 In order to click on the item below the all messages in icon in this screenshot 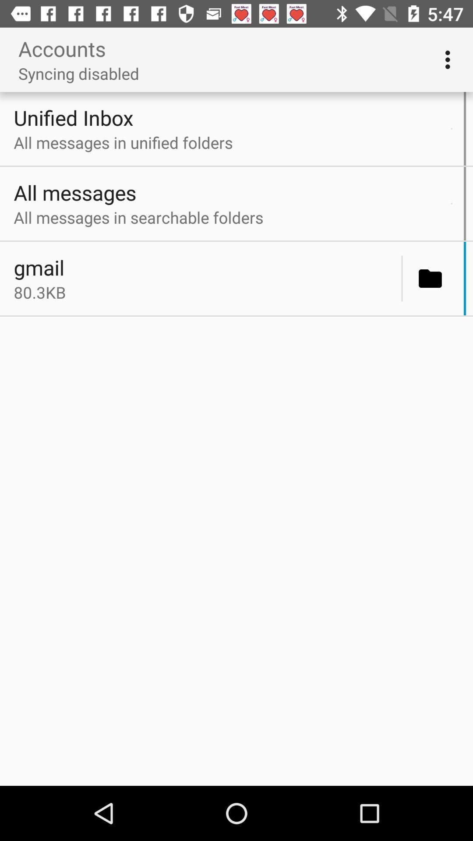, I will do `click(452, 203)`.